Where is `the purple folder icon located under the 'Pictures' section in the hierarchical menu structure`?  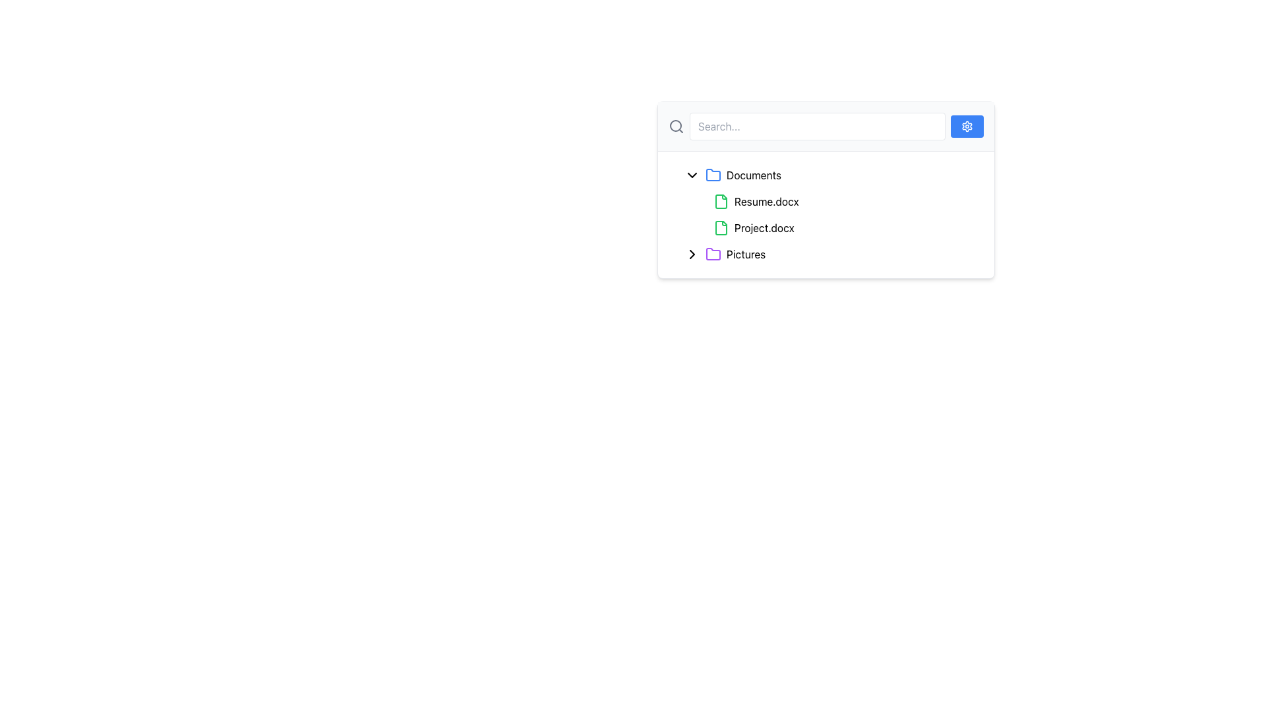
the purple folder icon located under the 'Pictures' section in the hierarchical menu structure is located at coordinates (712, 254).